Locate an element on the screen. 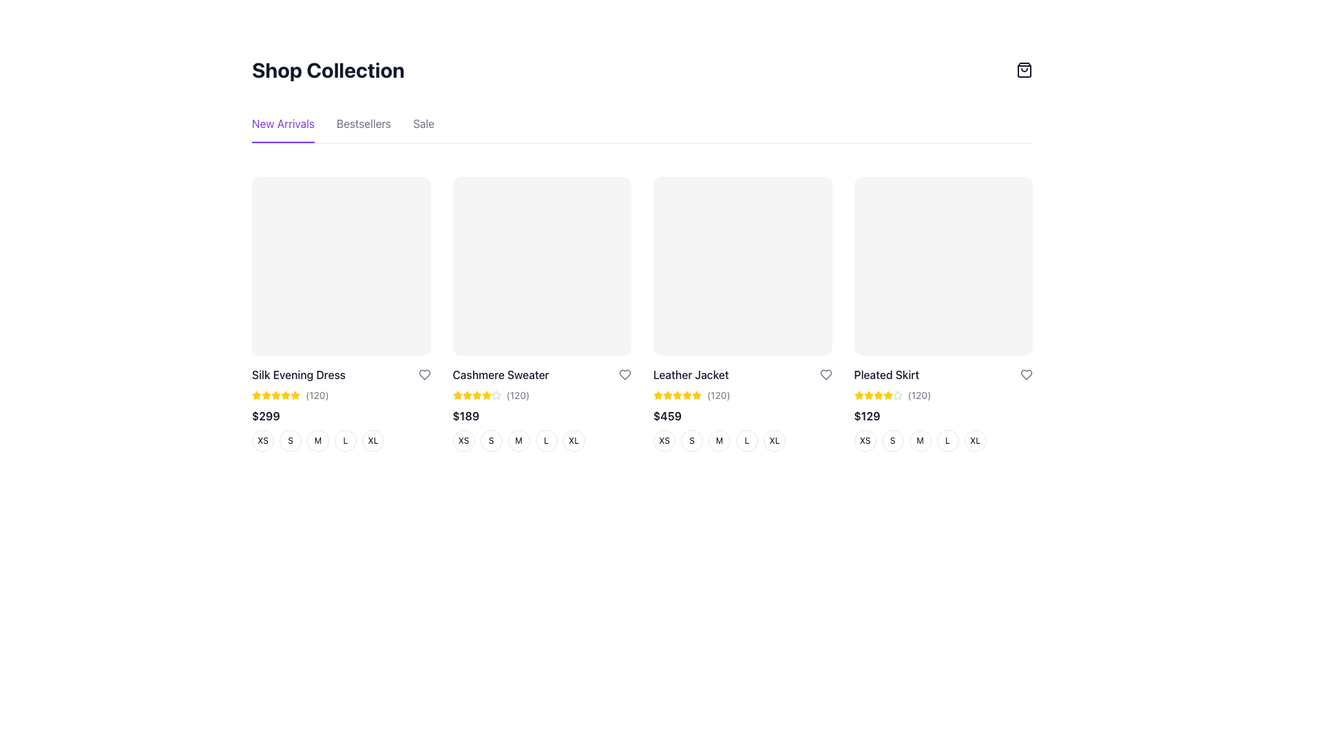 The width and height of the screenshot is (1322, 743). the text label 'Silk Evening Dress', which is styled in a medium-weight font with dark gray color and located under the image placeholder of the first product listing is located at coordinates (341, 374).